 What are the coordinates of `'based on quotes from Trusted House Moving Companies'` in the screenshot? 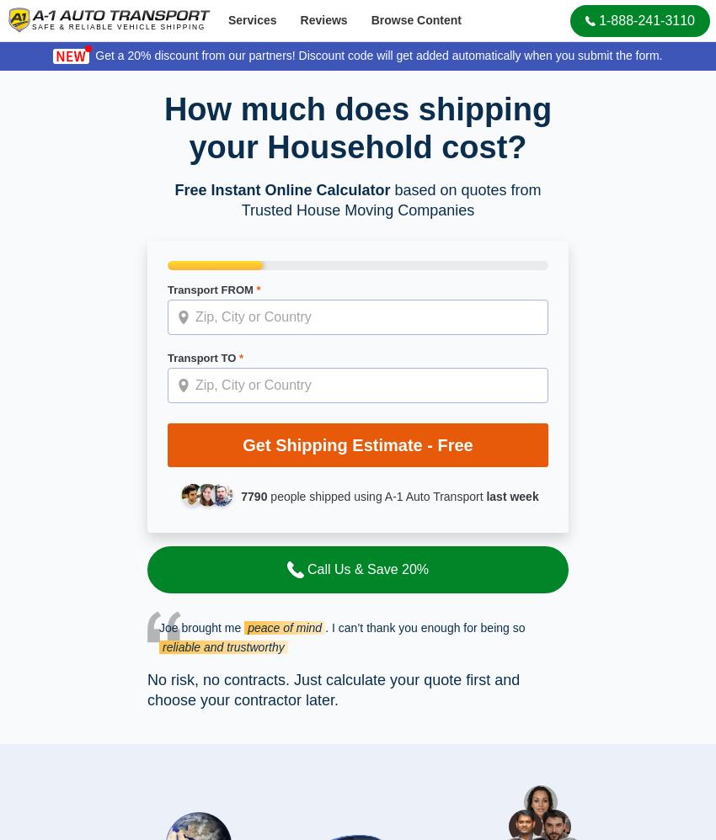 It's located at (390, 200).